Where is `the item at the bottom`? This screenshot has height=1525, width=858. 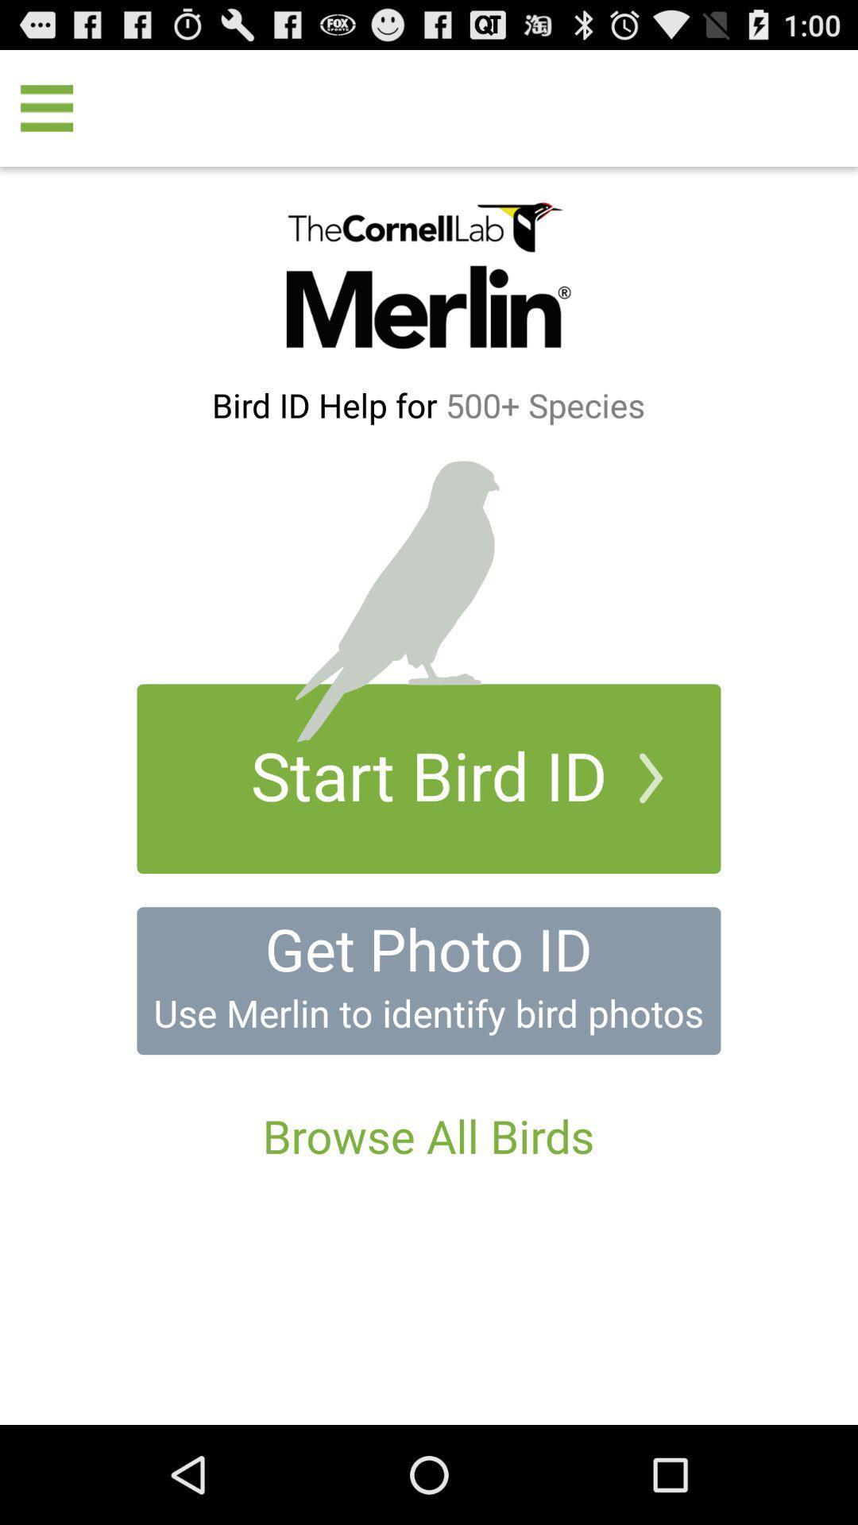
the item at the bottom is located at coordinates (427, 1134).